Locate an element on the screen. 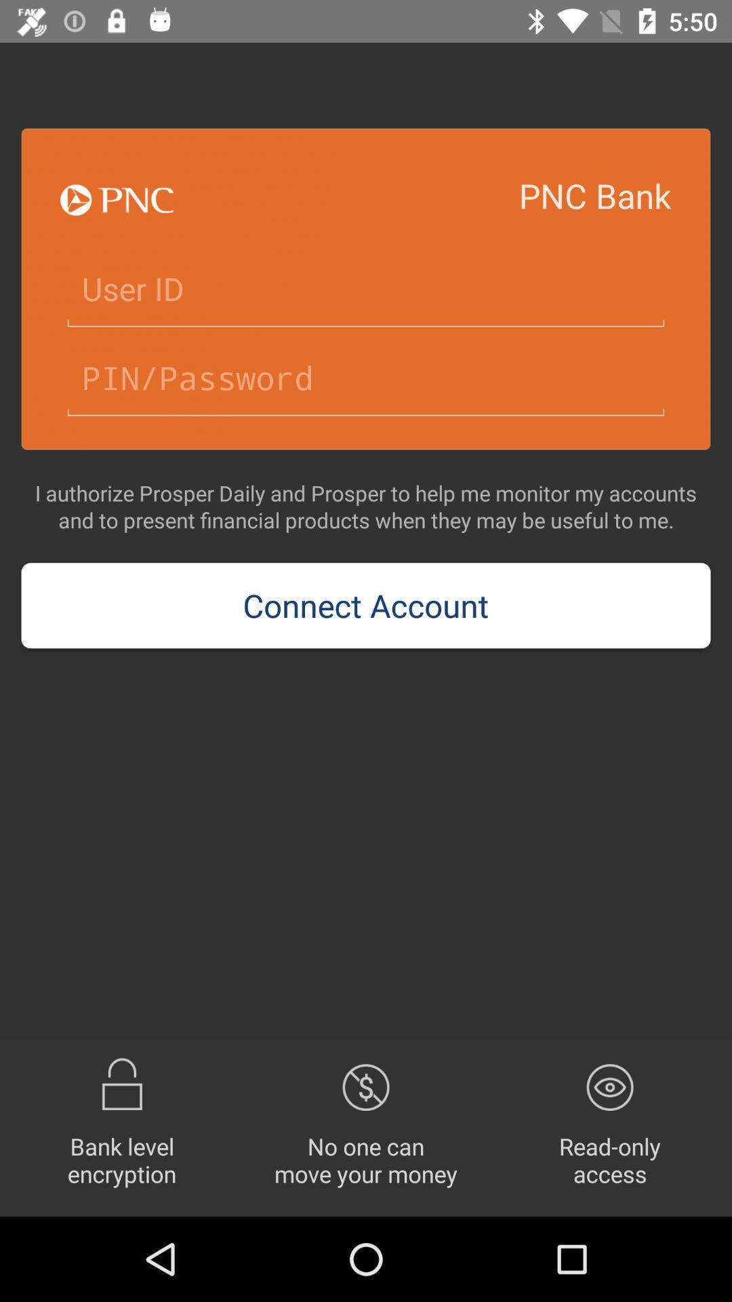 Image resolution: width=732 pixels, height=1302 pixels. user the password in the account is located at coordinates (366, 378).